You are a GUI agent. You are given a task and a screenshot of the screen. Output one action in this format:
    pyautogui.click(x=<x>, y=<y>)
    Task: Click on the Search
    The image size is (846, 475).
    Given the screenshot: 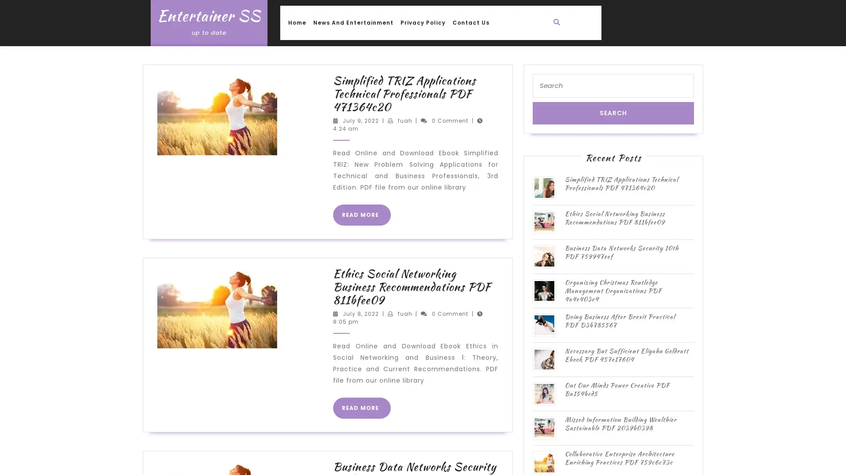 What is the action you would take?
    pyautogui.click(x=613, y=113)
    